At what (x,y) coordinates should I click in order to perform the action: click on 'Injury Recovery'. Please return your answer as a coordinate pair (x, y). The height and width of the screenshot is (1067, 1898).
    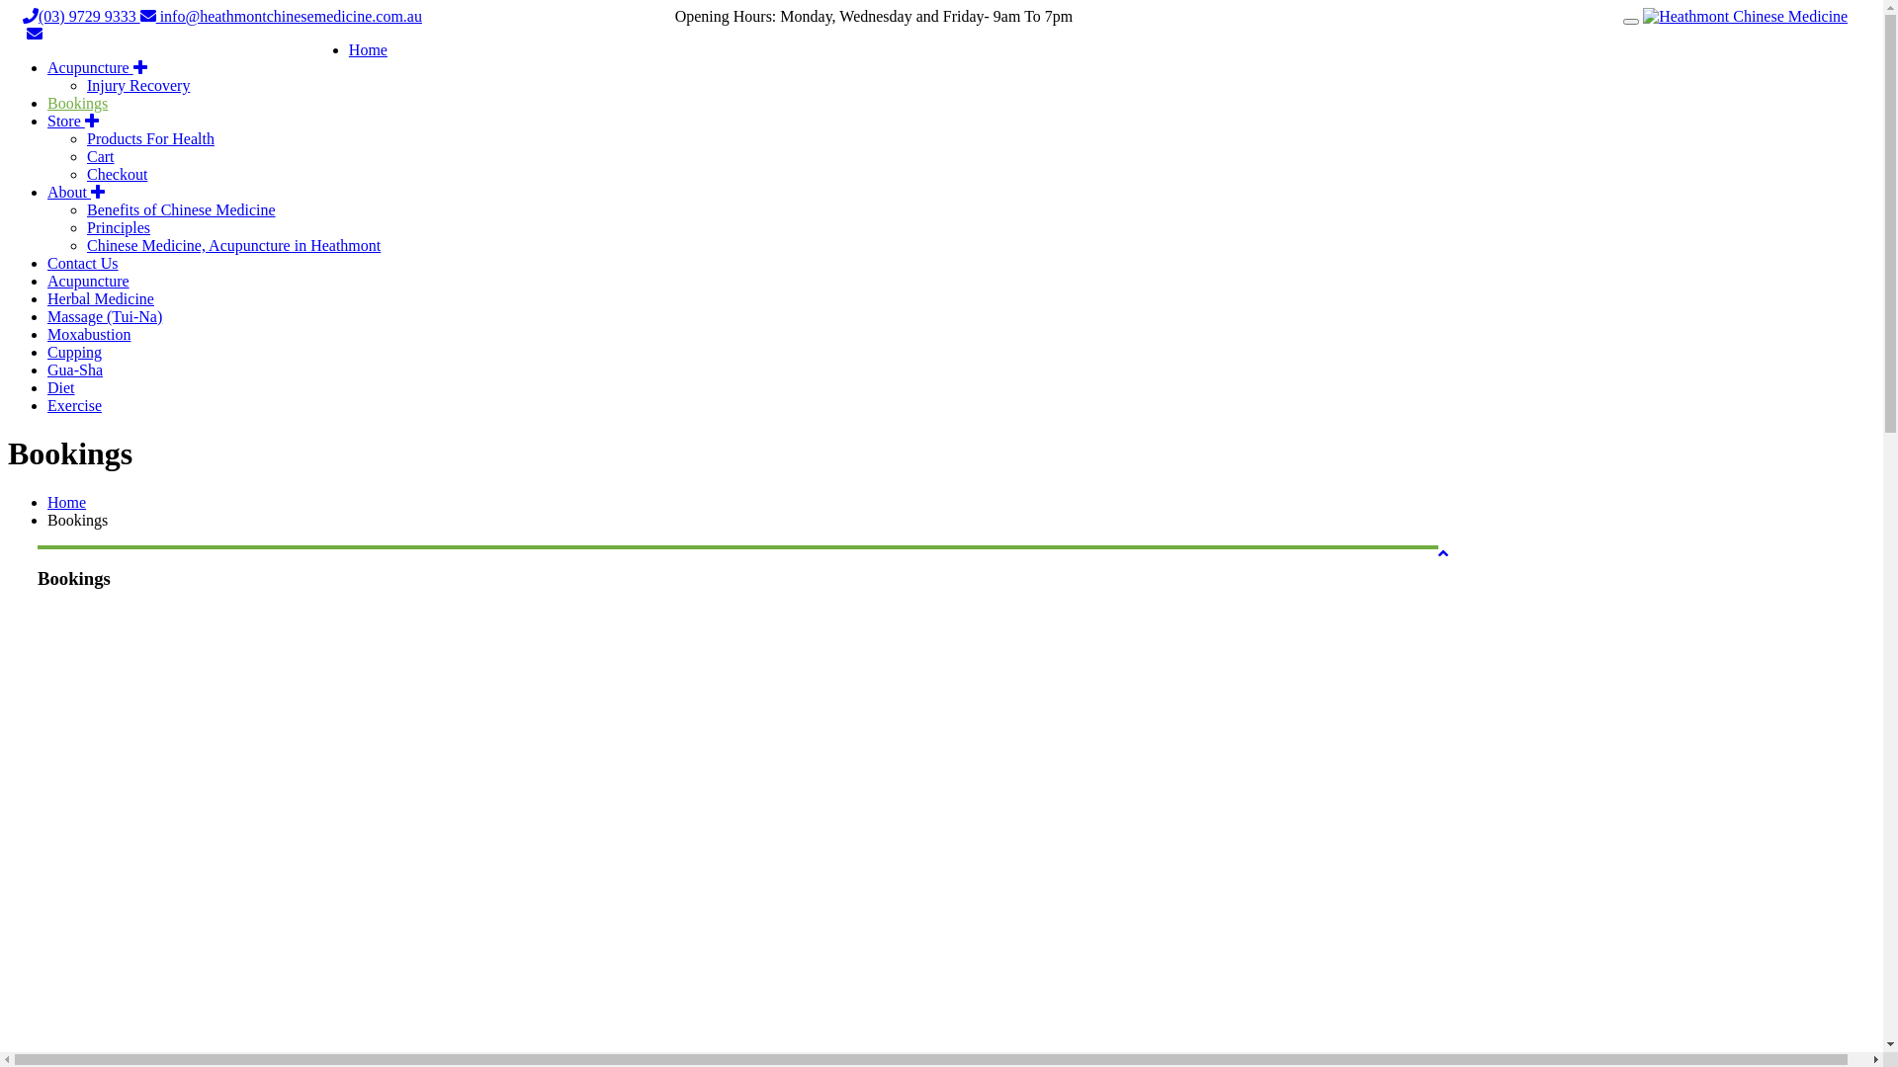
    Looking at the image, I should click on (136, 84).